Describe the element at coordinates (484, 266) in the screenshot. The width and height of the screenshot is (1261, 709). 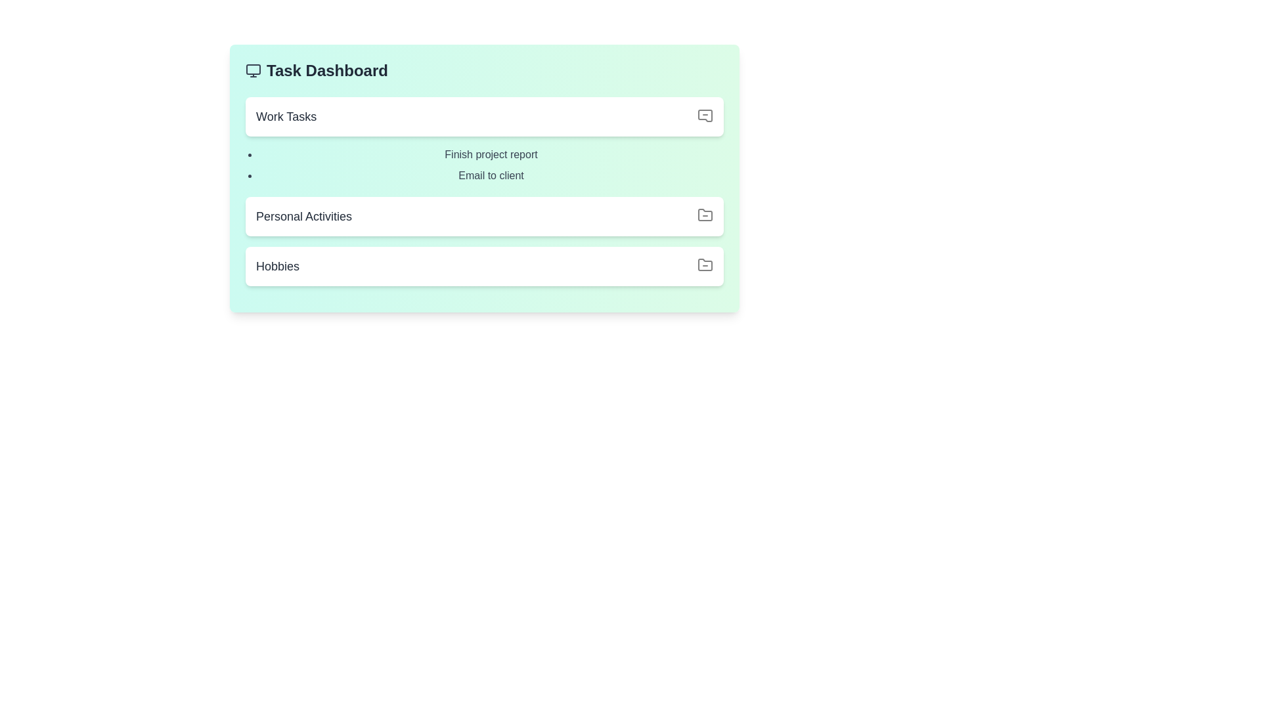
I see `the section title Hobbies to observe any visual changes` at that location.